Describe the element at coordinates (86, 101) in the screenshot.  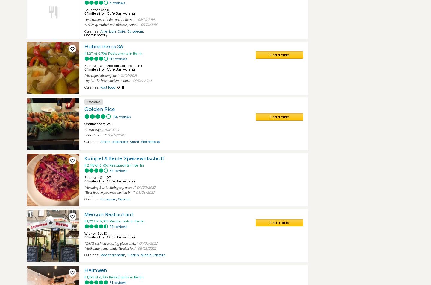
I see `'Sponsored'` at that location.